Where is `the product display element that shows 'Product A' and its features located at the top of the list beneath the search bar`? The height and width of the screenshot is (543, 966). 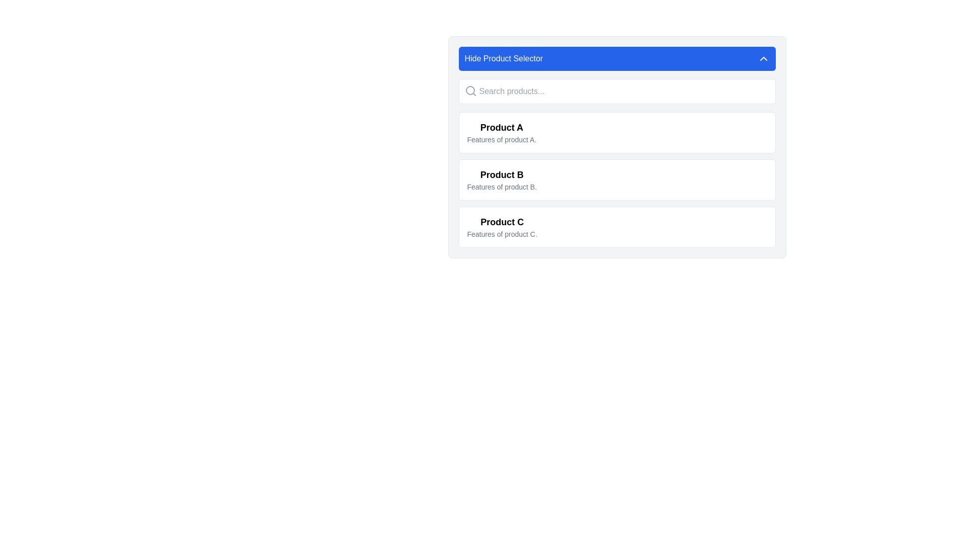 the product display element that shows 'Product A' and its features located at the top of the list beneath the search bar is located at coordinates (502, 132).